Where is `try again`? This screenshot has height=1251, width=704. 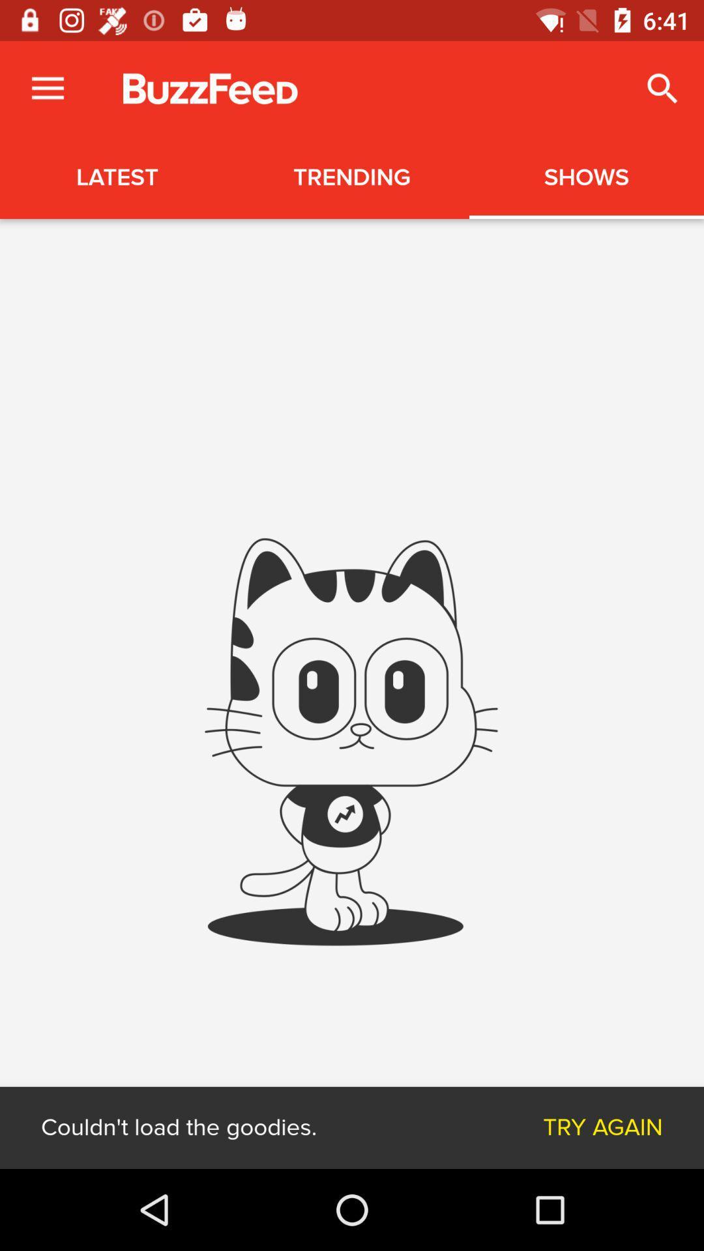
try again is located at coordinates (603, 1127).